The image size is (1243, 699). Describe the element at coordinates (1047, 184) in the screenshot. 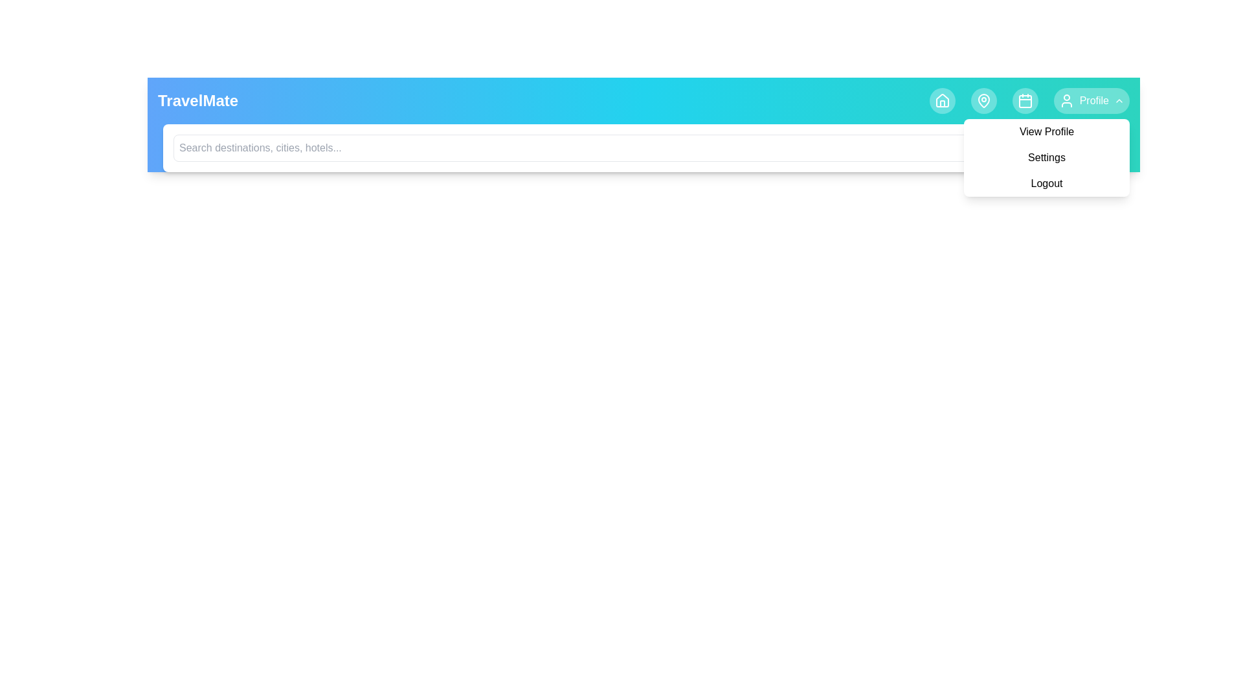

I see `the Logout from the profile menu` at that location.